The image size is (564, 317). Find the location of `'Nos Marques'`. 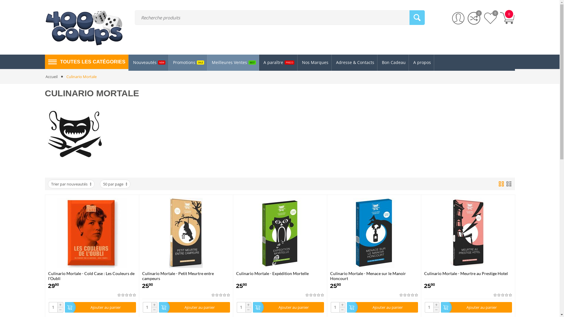

'Nos Marques' is located at coordinates (314, 63).